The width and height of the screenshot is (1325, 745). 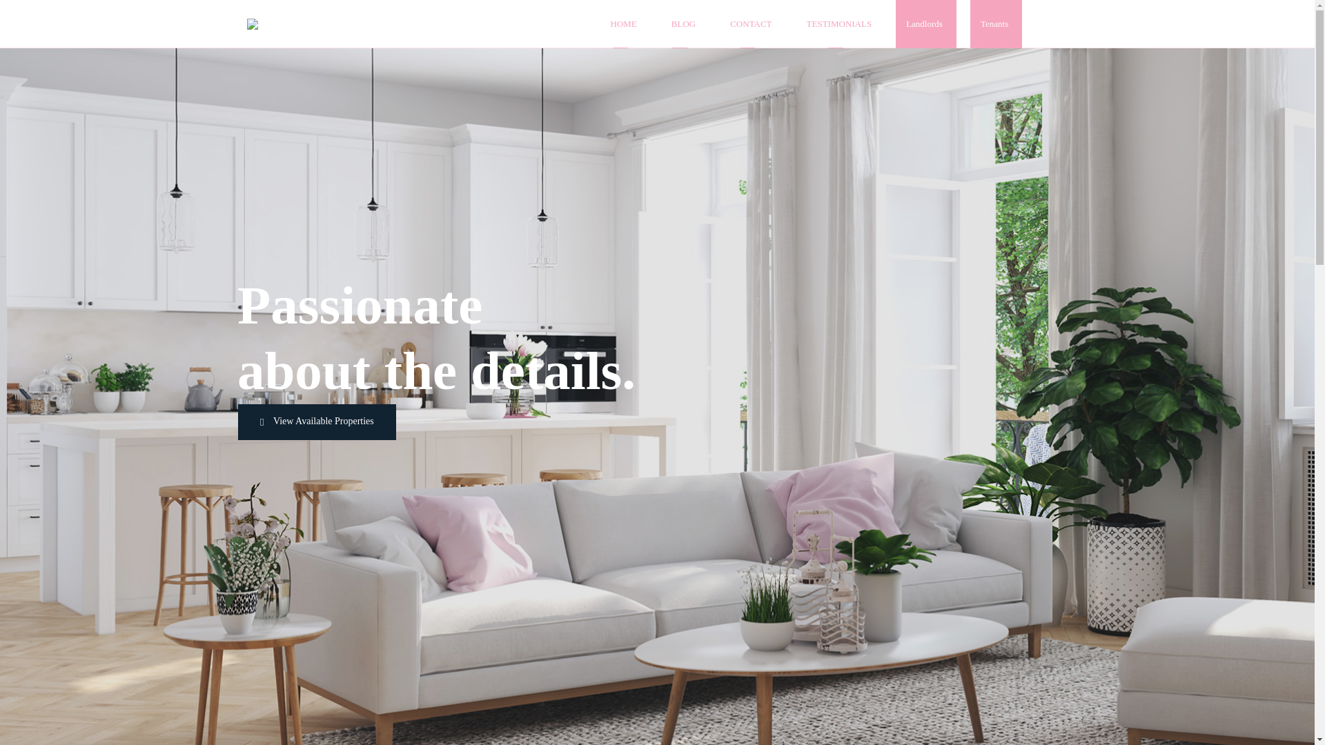 What do you see at coordinates (683, 23) in the screenshot?
I see `'BLOG'` at bounding box center [683, 23].